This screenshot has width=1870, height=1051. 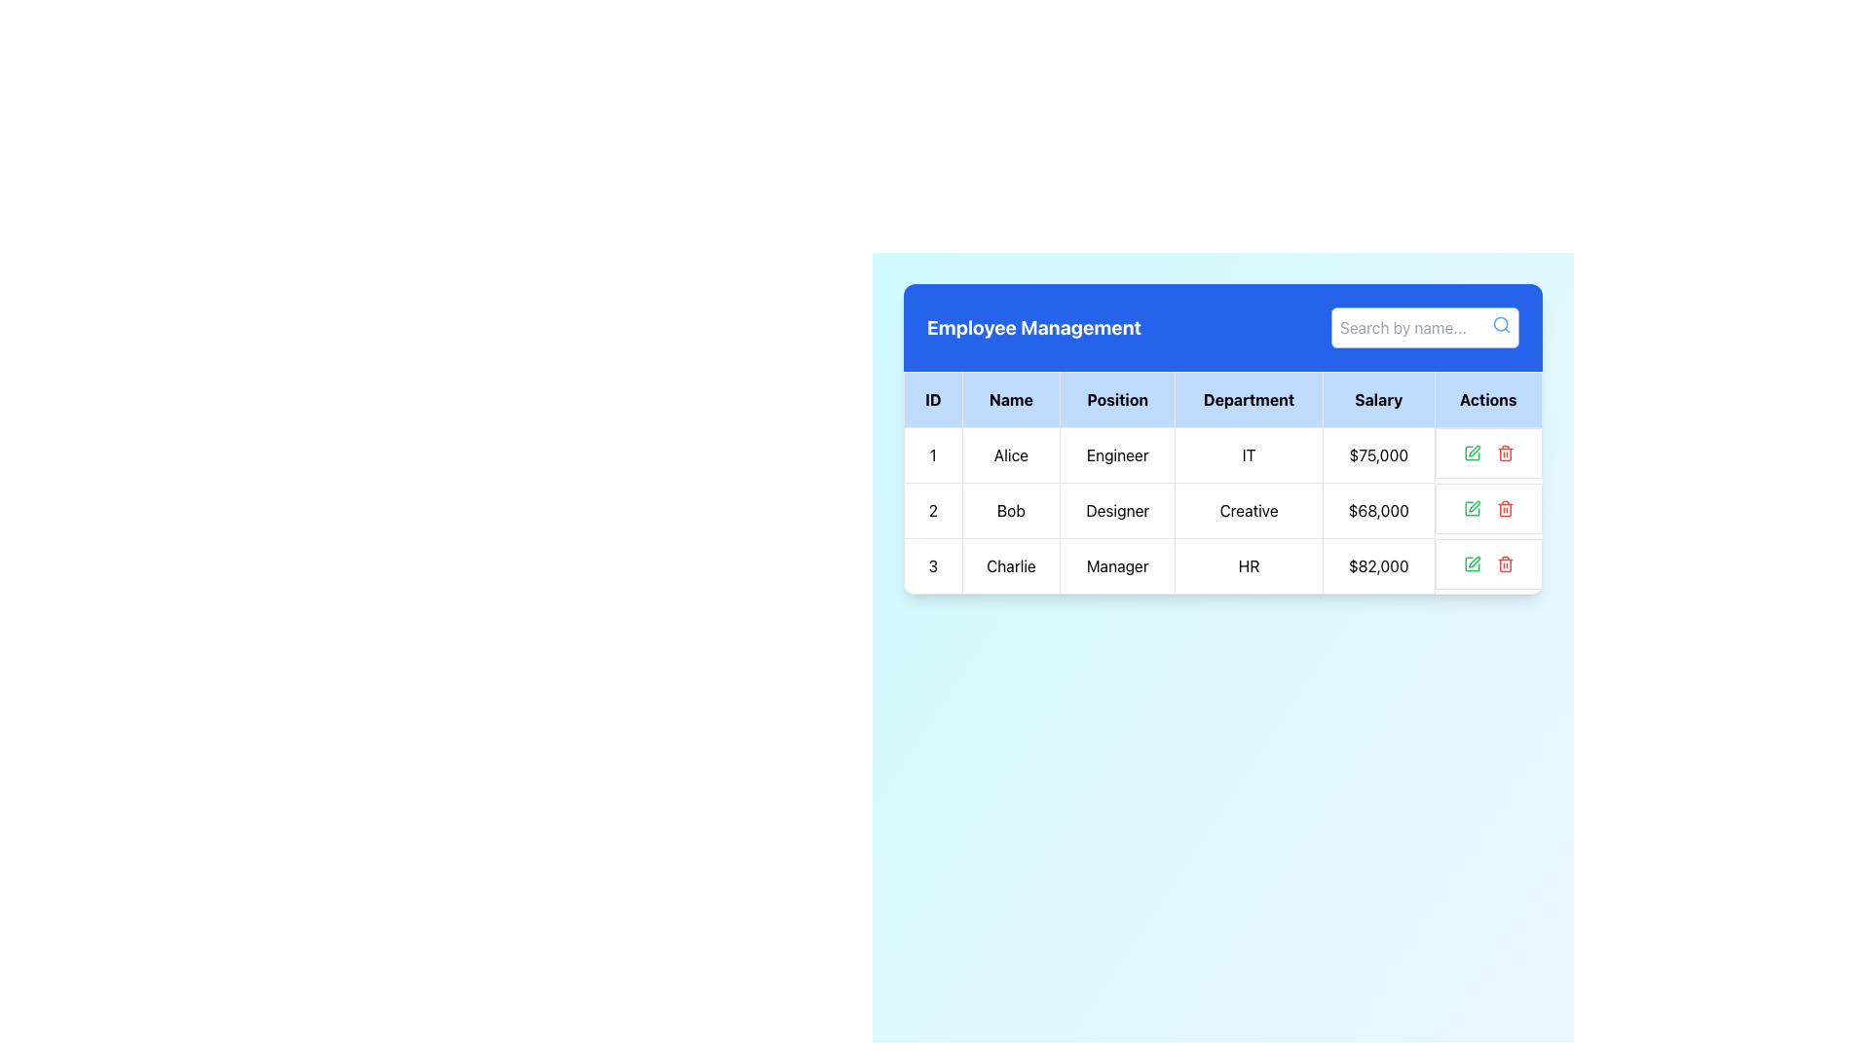 I want to click on the non-interactive text label displaying the job title 'Designer' located in the third column of the second row in the table, aligned with 'Bob' in the 'Name' column and 'Creative' in the 'Department' column, so click(x=1117, y=509).